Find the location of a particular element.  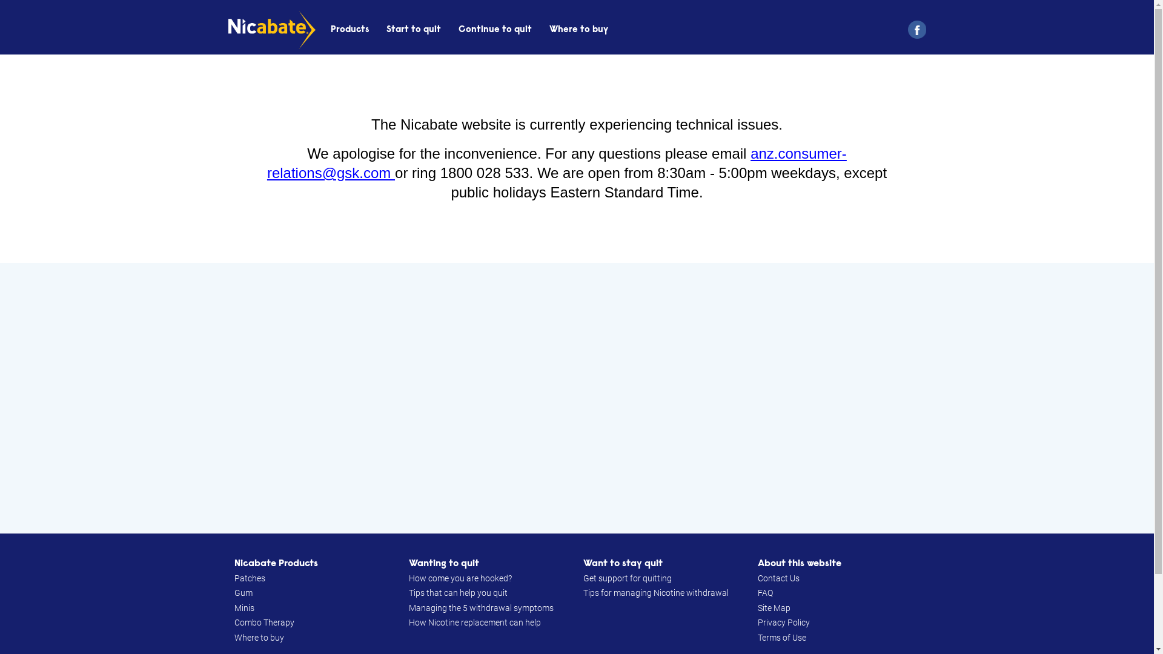

'Gum' is located at coordinates (233, 592).